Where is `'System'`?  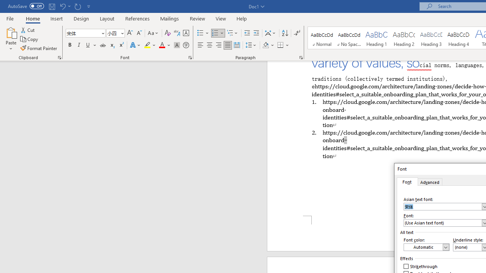 'System' is located at coordinates (4, 4).